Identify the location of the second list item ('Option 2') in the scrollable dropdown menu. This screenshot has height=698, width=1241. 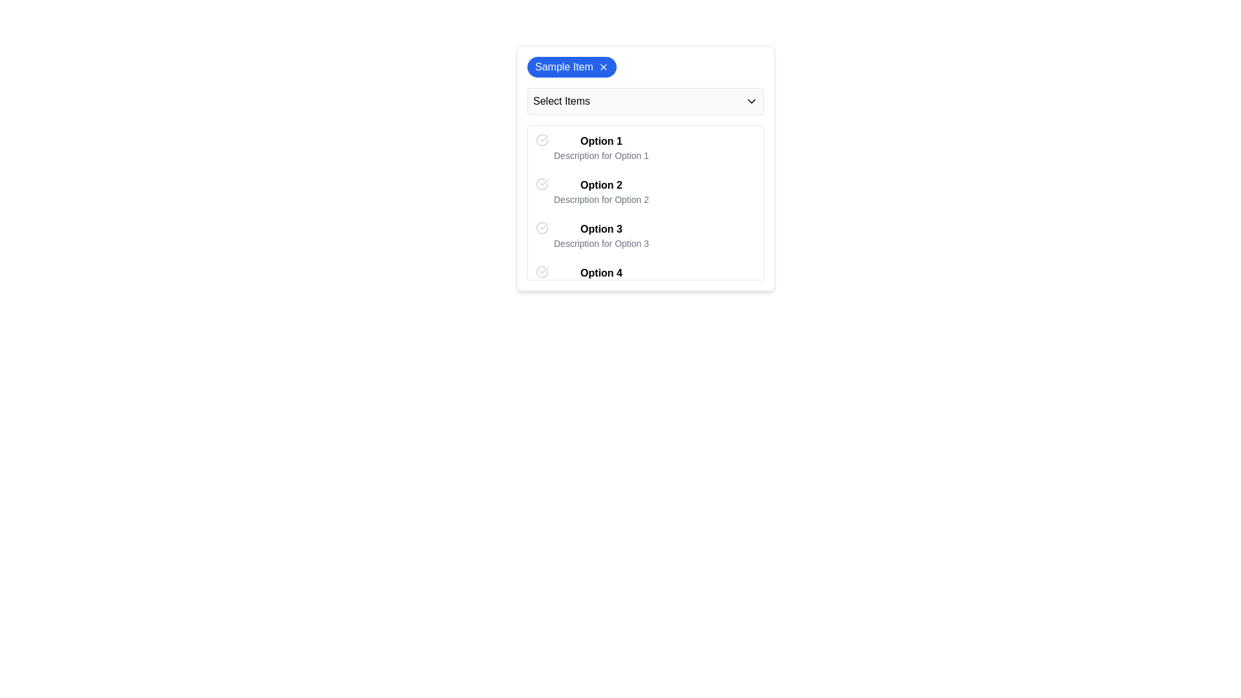
(645, 202).